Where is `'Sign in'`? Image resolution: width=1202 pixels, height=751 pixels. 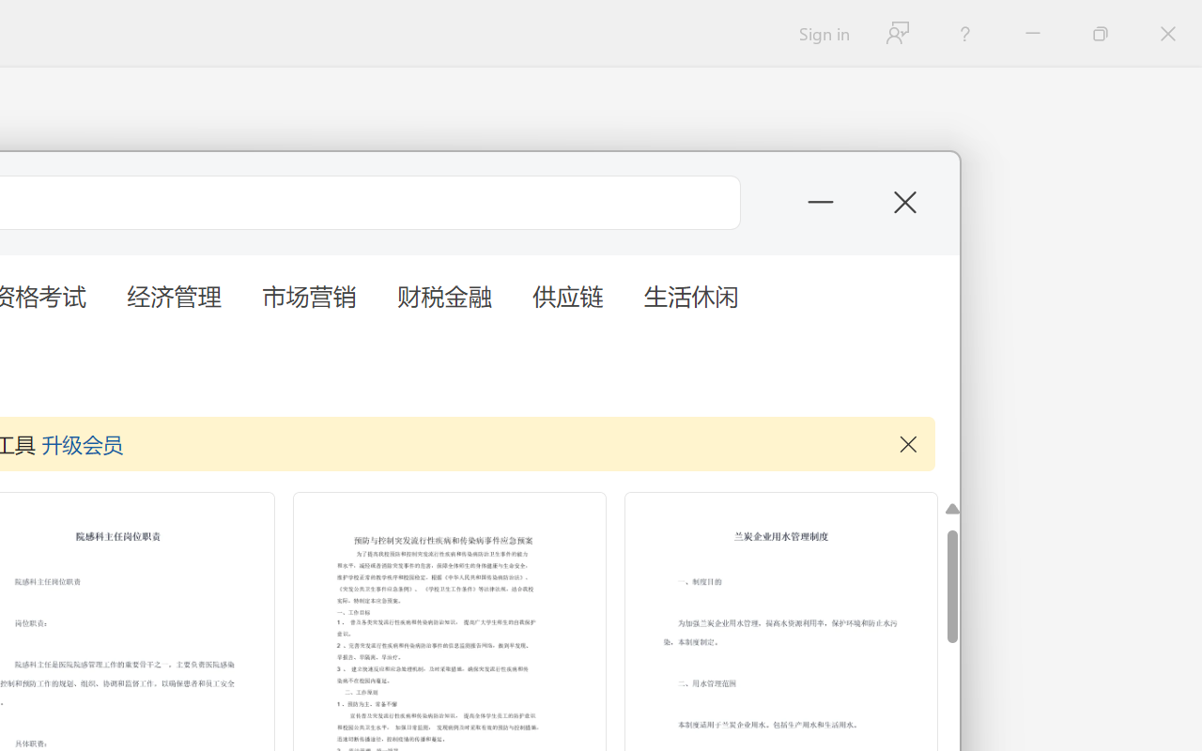 'Sign in' is located at coordinates (823, 32).